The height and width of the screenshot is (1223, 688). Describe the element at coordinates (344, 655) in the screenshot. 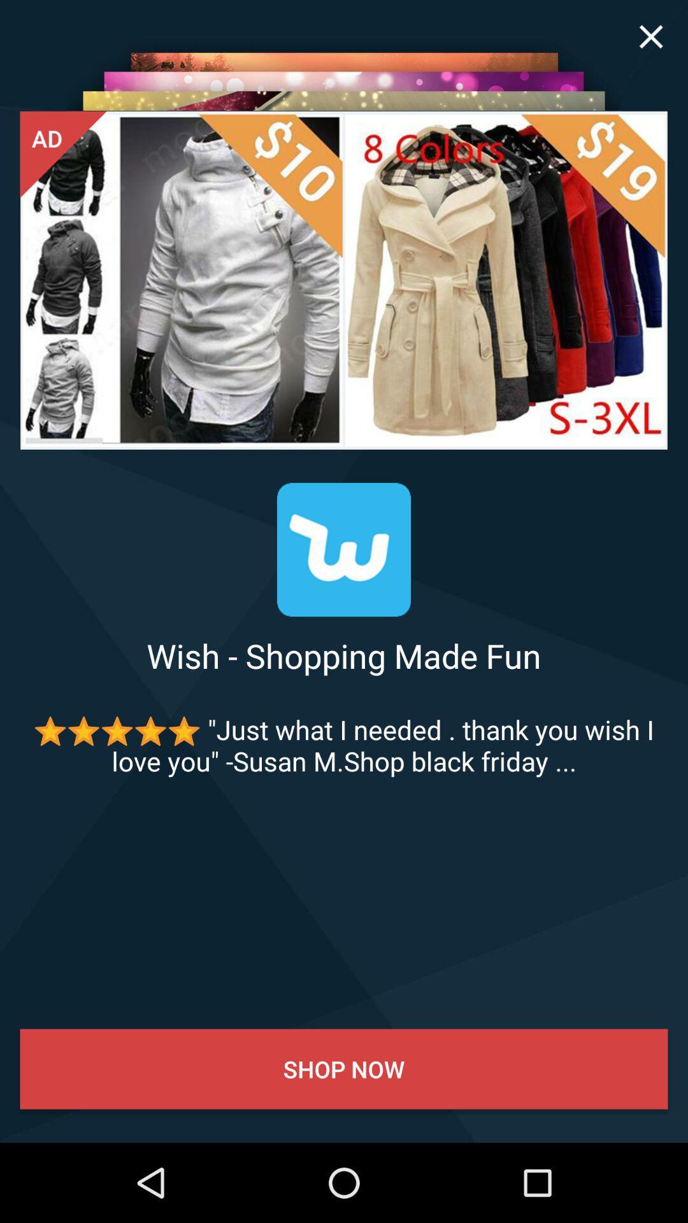

I see `wish shopping made item` at that location.